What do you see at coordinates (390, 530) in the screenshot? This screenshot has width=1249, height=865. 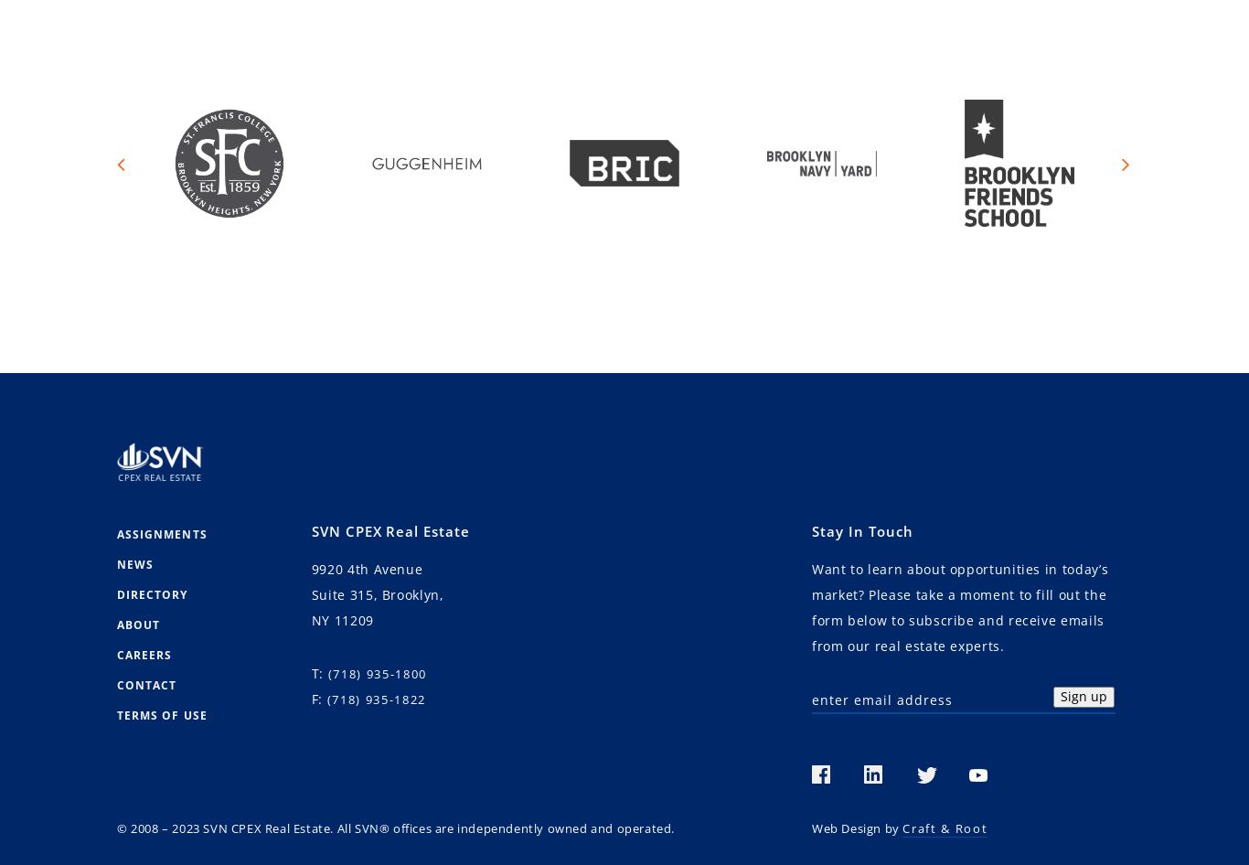 I see `'SVN CPEX Real Estate'` at bounding box center [390, 530].